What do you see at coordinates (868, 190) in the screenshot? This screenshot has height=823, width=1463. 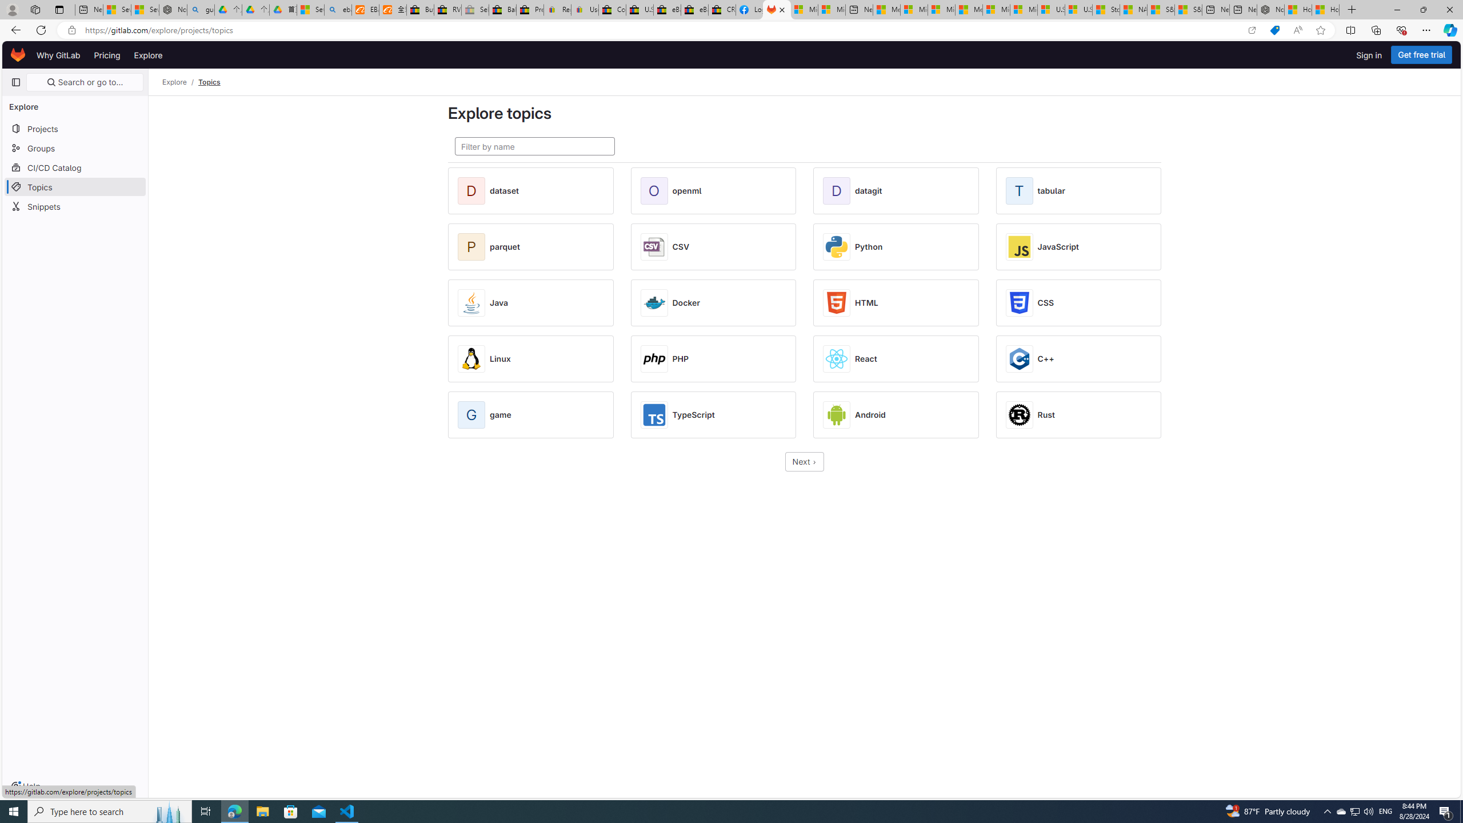 I see `'datagit'` at bounding box center [868, 190].